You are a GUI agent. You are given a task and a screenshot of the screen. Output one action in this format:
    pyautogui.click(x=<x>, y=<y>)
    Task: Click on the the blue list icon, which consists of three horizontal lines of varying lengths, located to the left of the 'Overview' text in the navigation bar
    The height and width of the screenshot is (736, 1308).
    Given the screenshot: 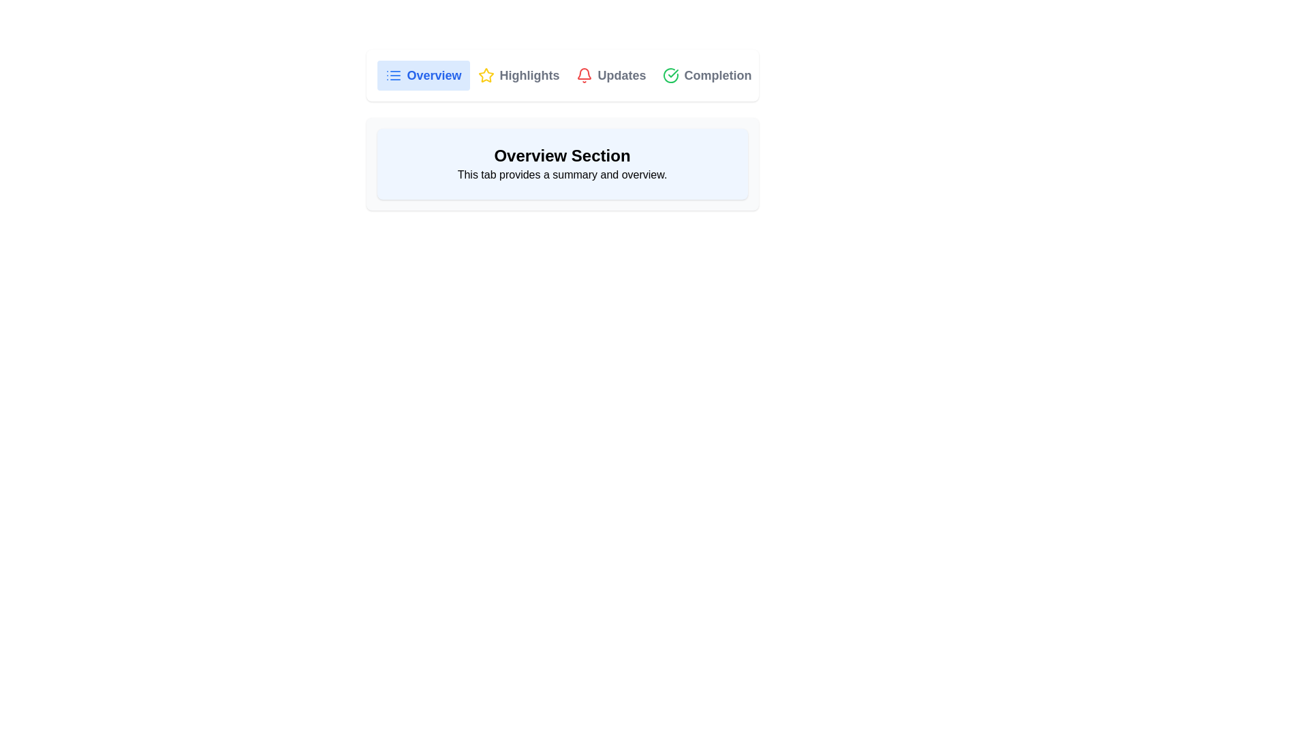 What is the action you would take?
    pyautogui.click(x=392, y=76)
    